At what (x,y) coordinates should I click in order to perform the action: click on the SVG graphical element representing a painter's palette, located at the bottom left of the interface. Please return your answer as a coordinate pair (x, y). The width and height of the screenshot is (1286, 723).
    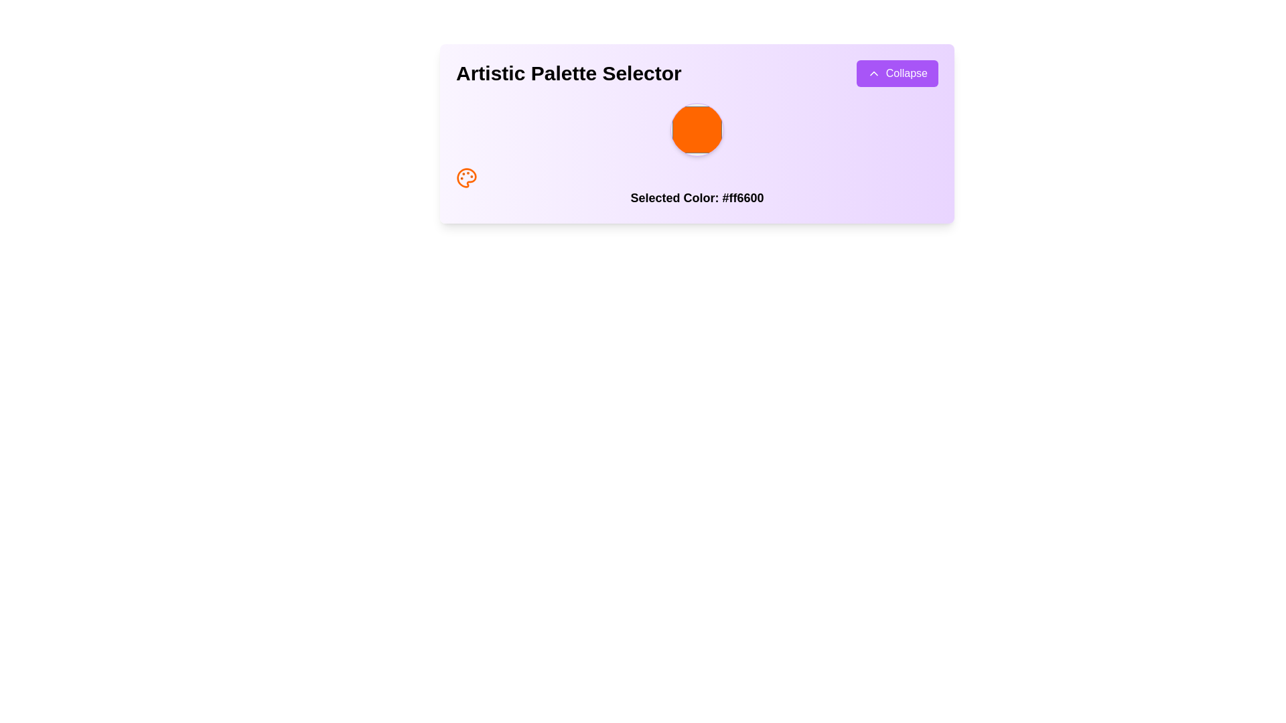
    Looking at the image, I should click on (466, 177).